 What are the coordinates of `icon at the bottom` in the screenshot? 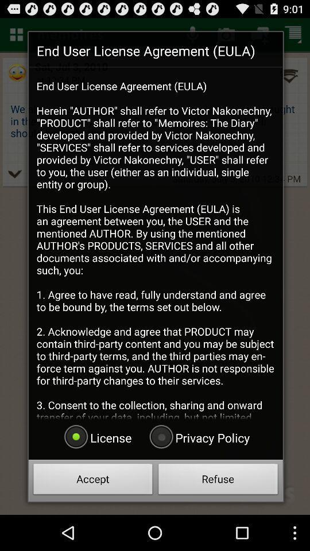 It's located at (197, 437).